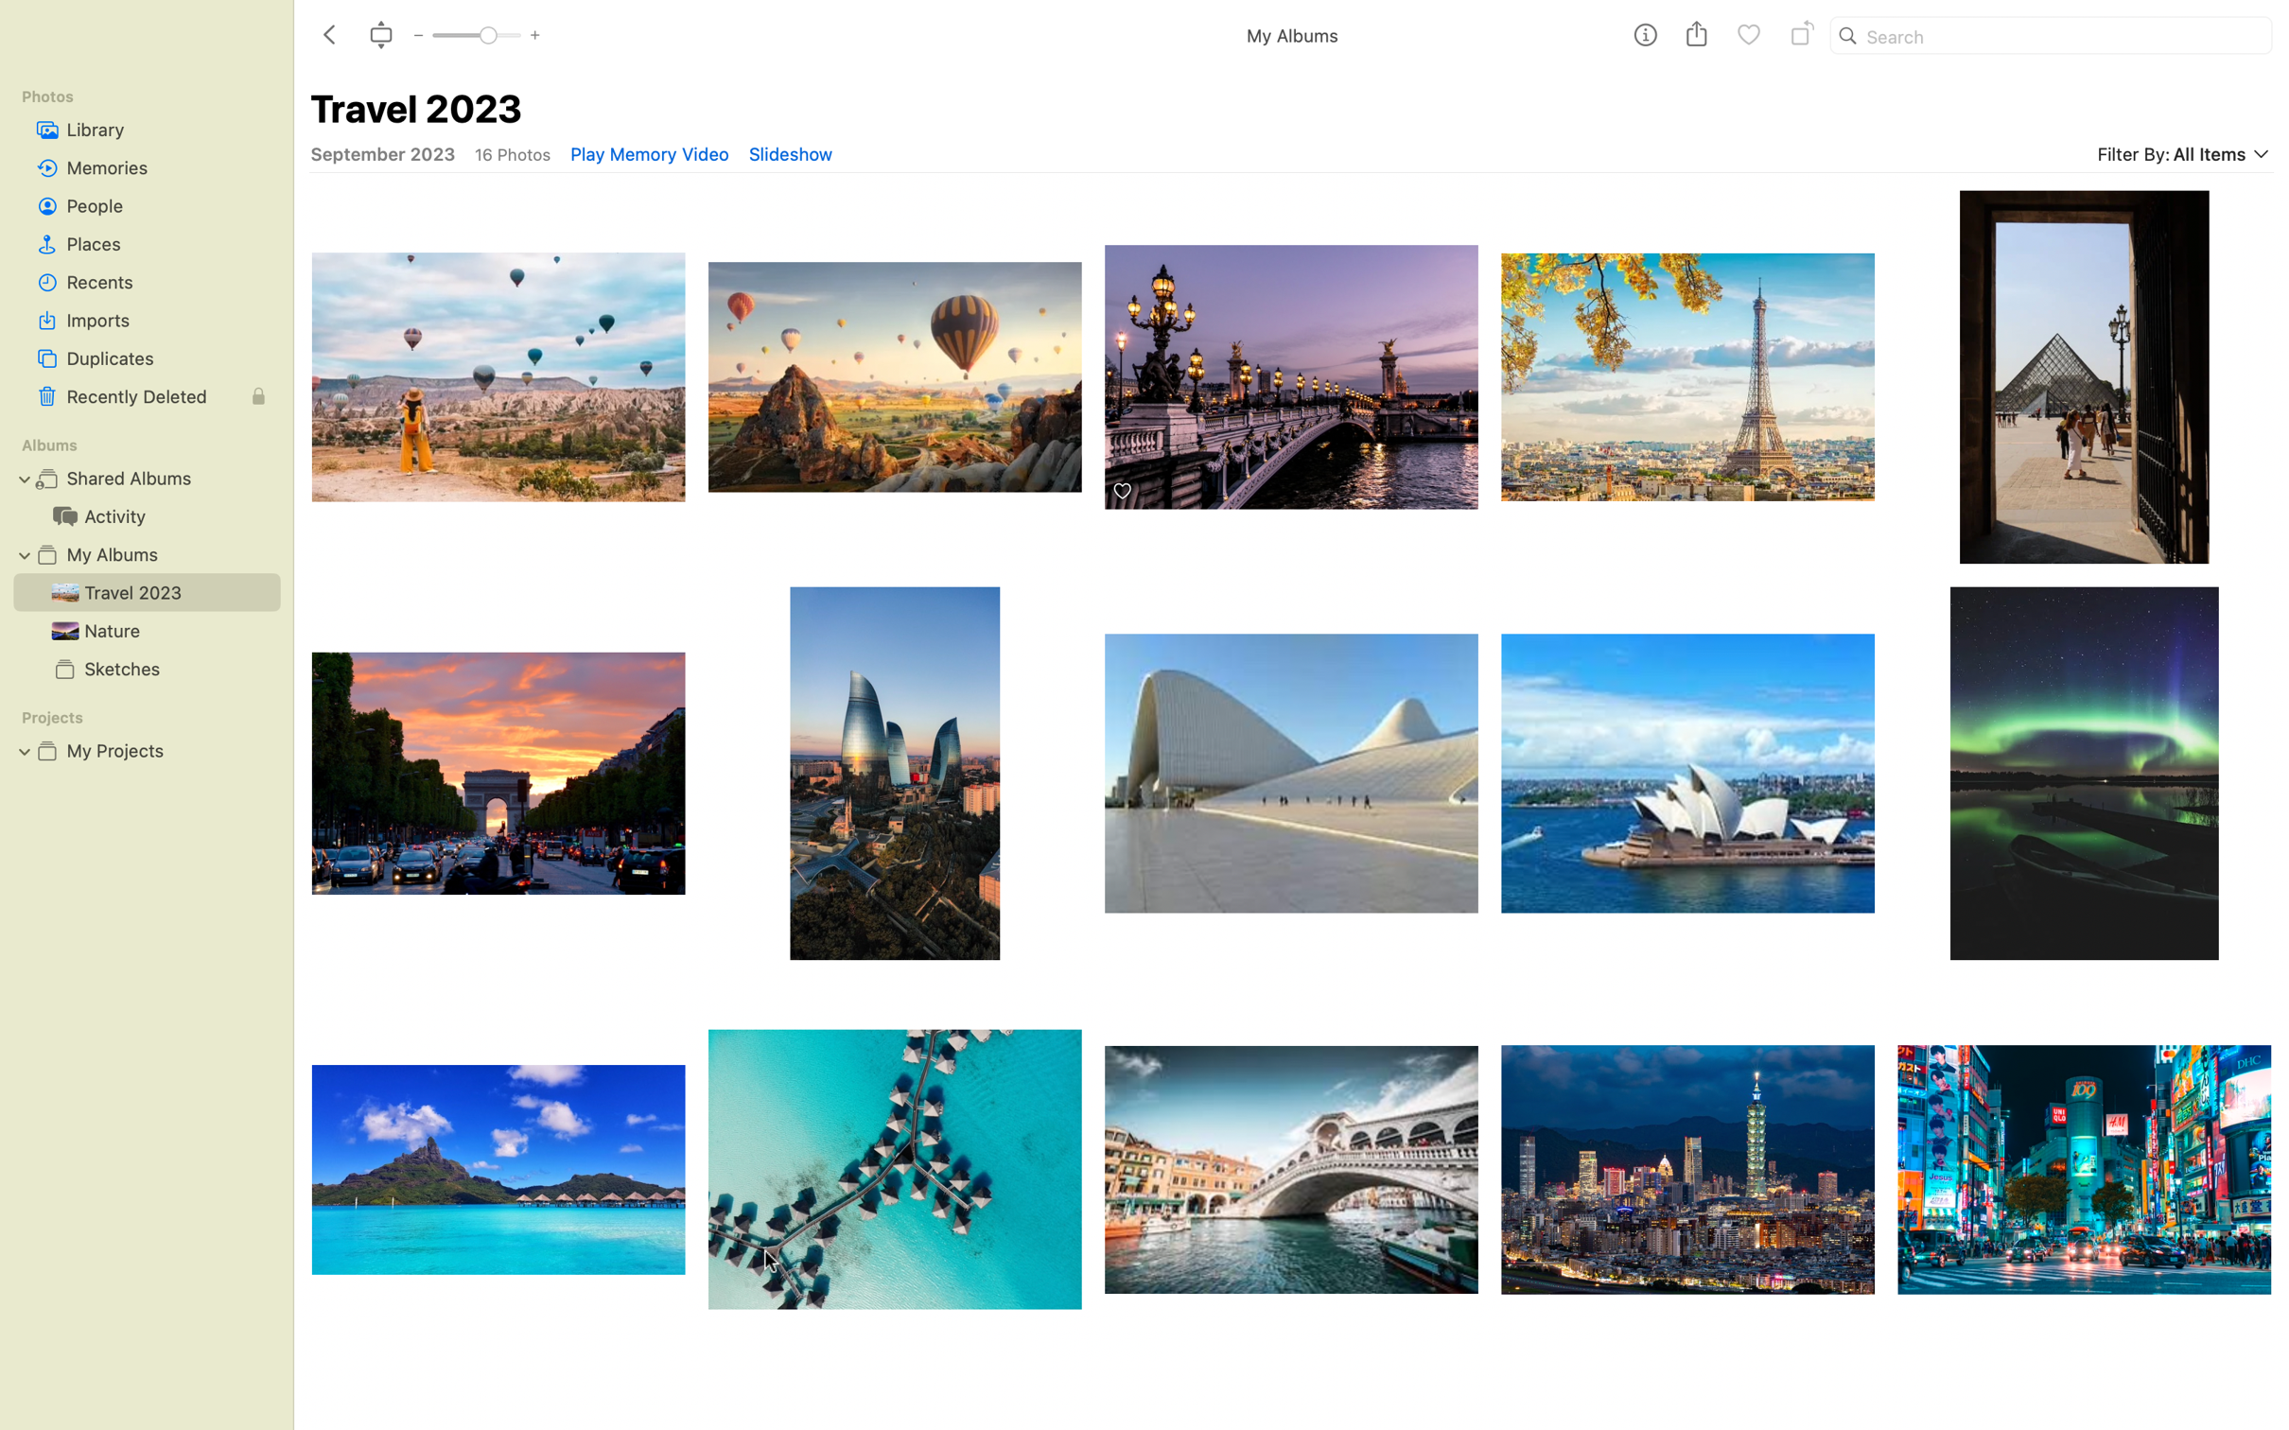  What do you see at coordinates (1688, 1191) in the screenshot?
I see `the image before the last one in the final row` at bounding box center [1688, 1191].